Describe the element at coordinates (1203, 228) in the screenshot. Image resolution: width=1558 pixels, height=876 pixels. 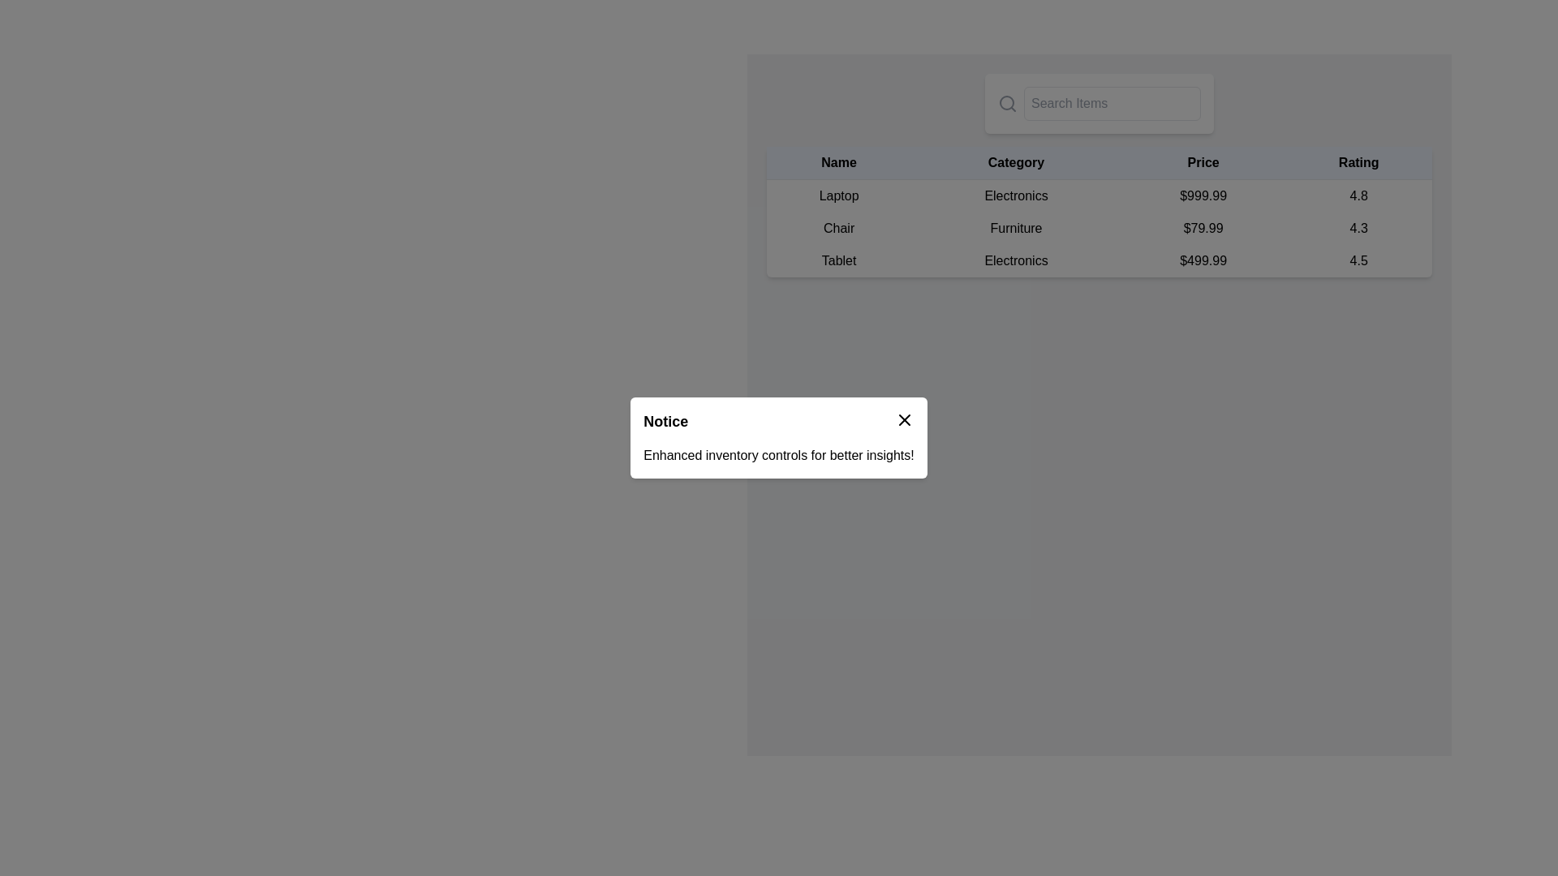
I see `the Price label displaying '$79.99' for the product 'Chair' in the second row of the table` at that location.